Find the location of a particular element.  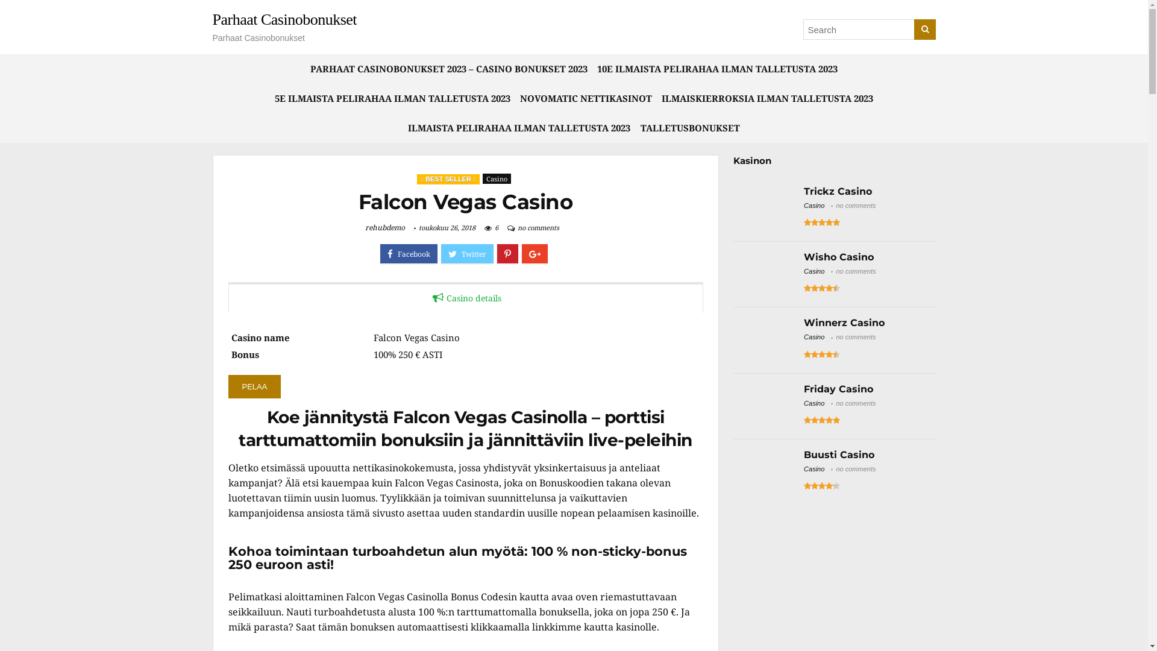

'no comments' is located at coordinates (537, 227).